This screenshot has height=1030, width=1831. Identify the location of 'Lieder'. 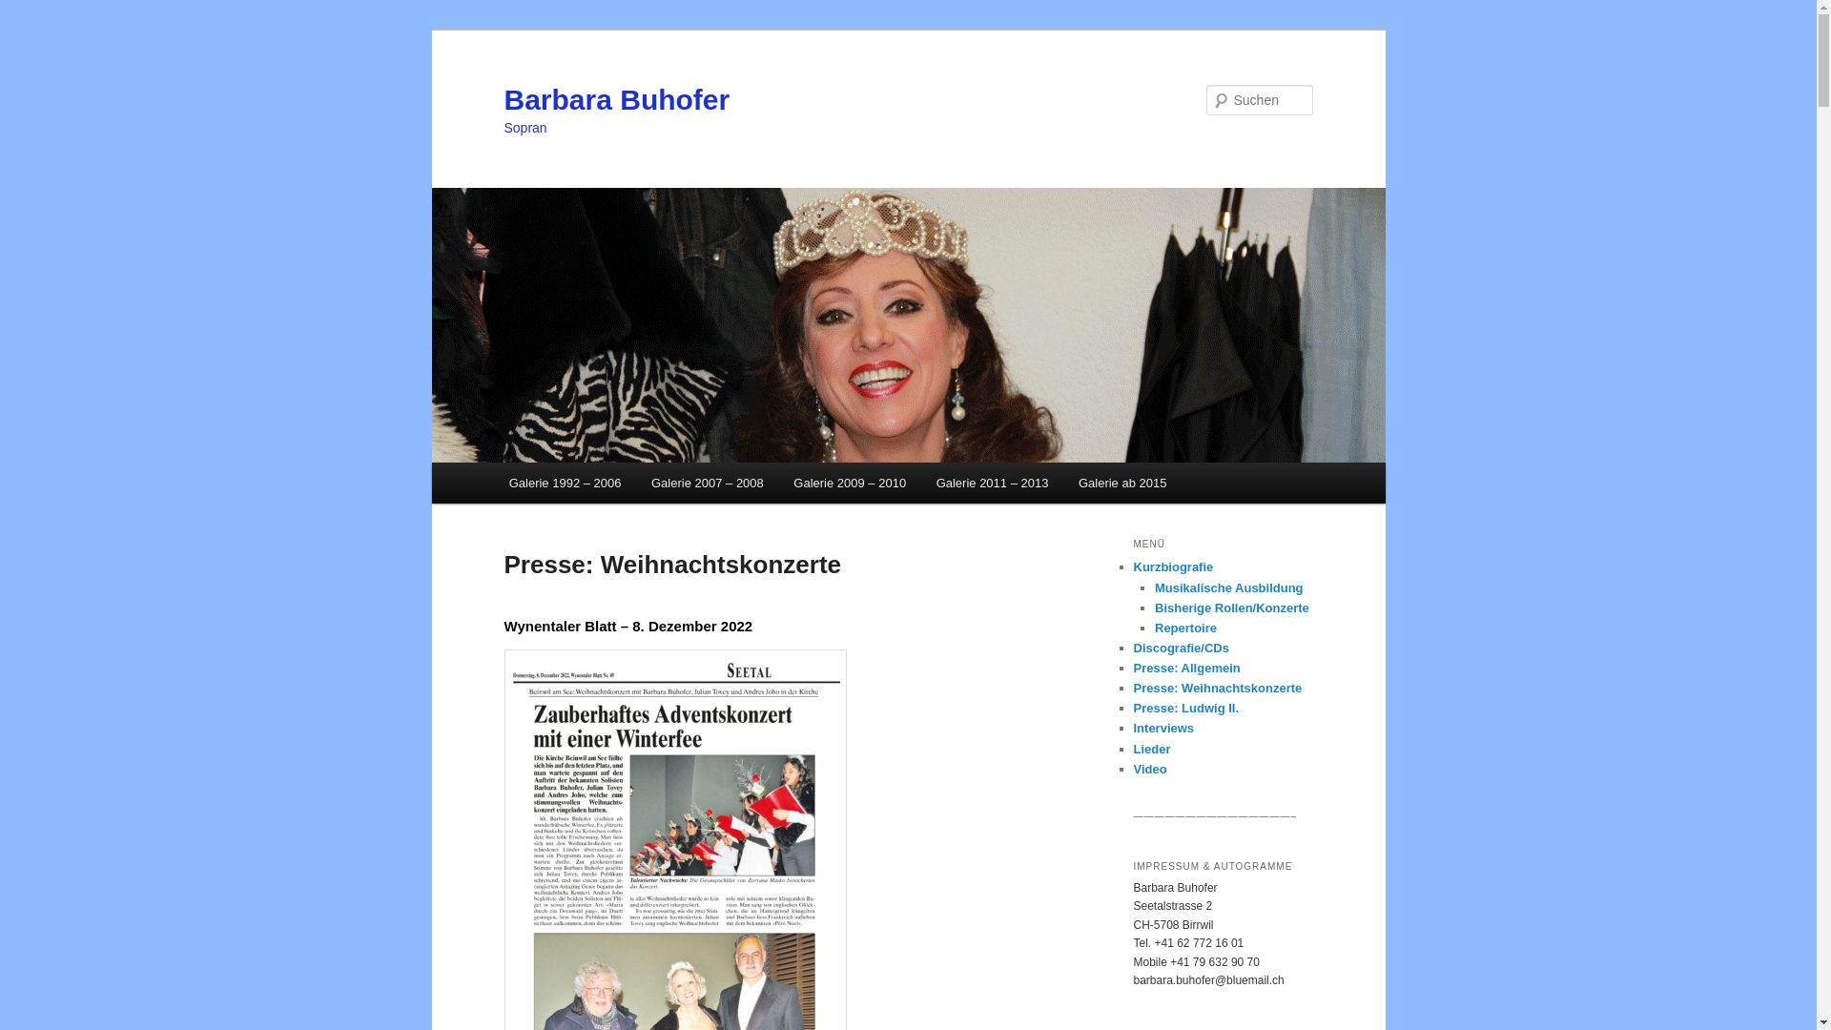
(1150, 748).